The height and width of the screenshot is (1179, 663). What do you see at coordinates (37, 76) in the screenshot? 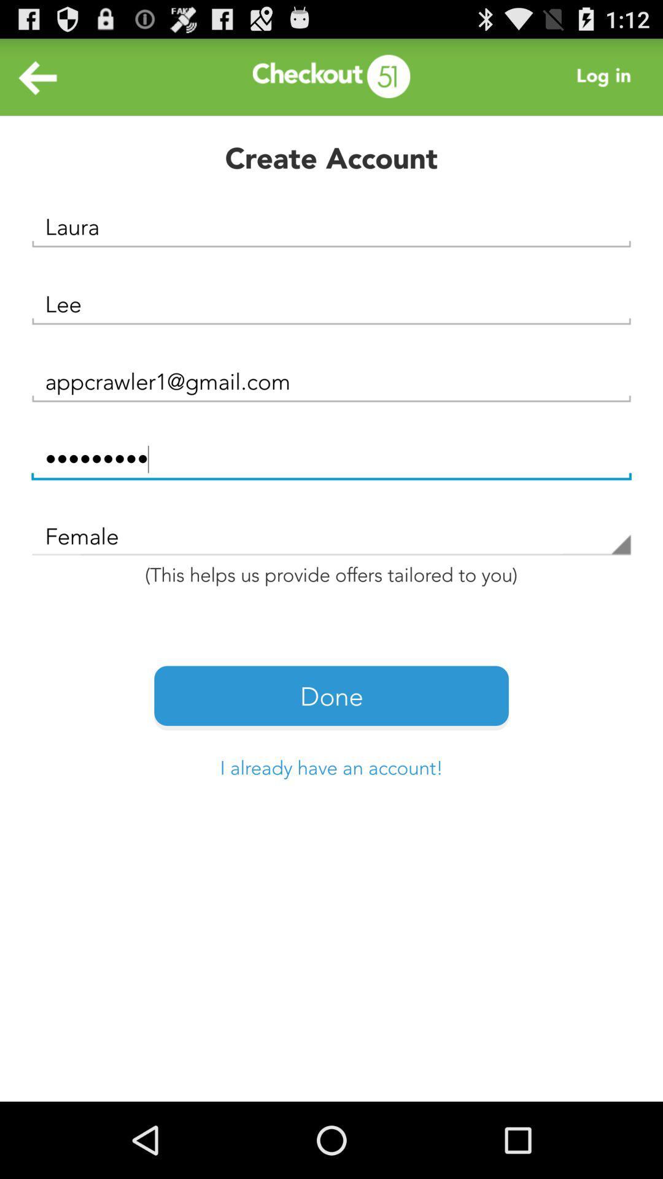
I see `go back` at bounding box center [37, 76].